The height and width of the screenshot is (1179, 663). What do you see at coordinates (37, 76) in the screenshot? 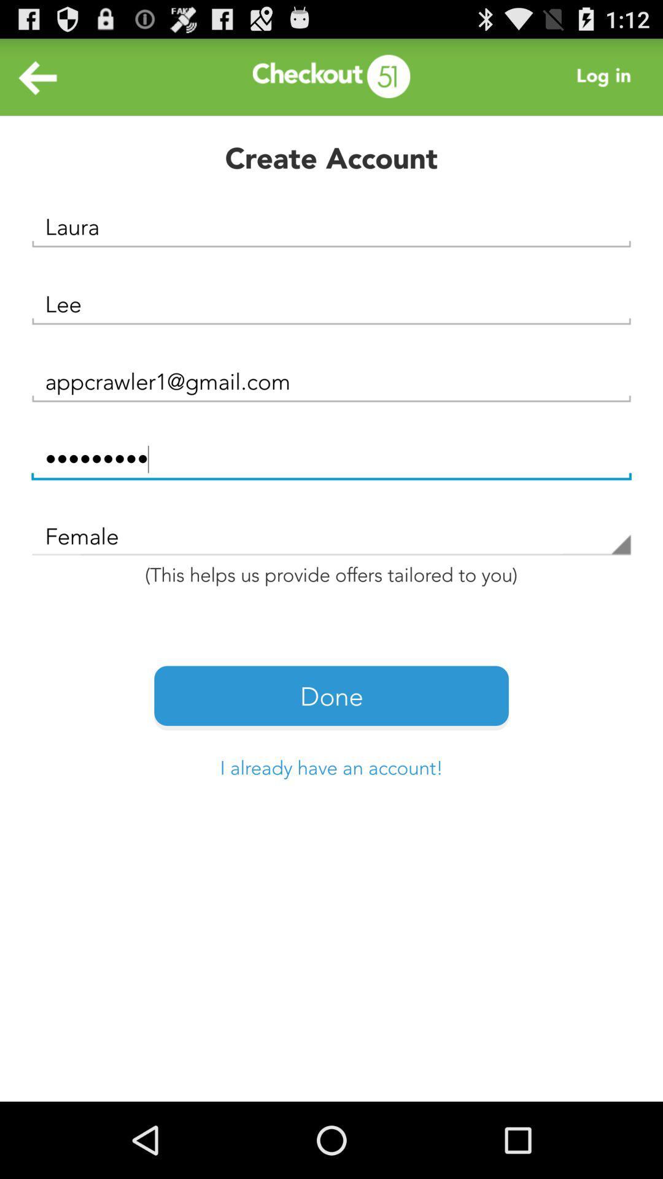
I see `go back` at bounding box center [37, 76].